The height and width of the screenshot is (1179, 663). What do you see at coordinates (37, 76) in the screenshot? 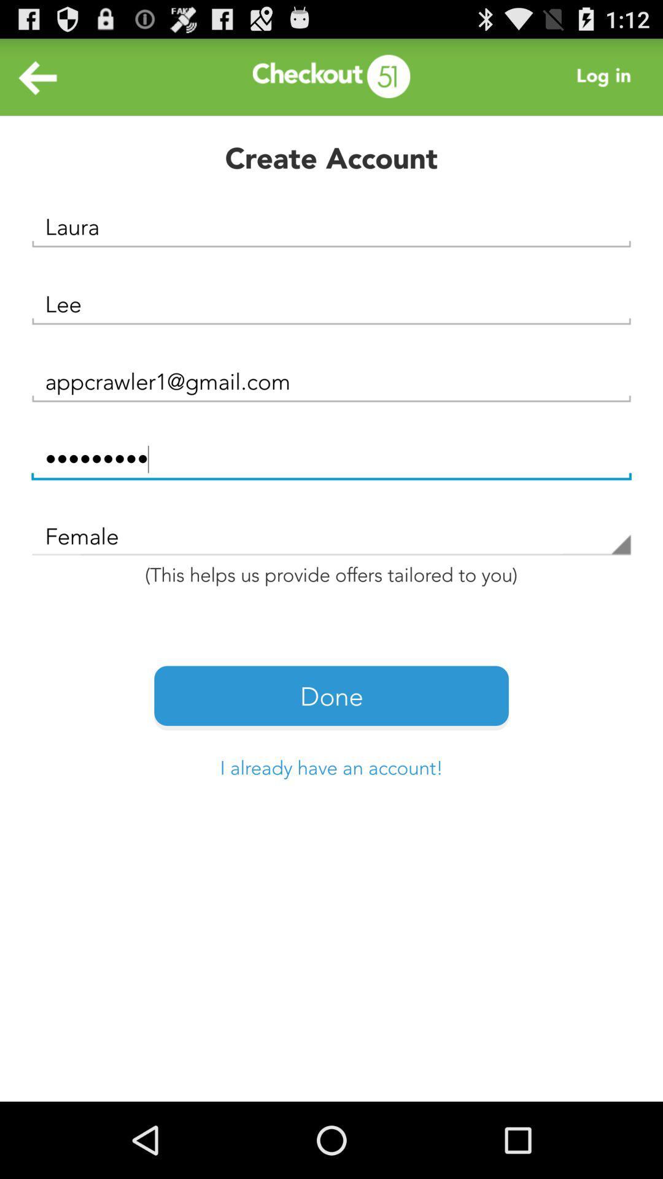
I see `go back` at bounding box center [37, 76].